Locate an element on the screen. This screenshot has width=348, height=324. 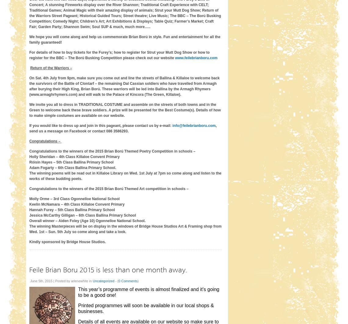
'Return of the Warriors –' is located at coordinates (51, 67).